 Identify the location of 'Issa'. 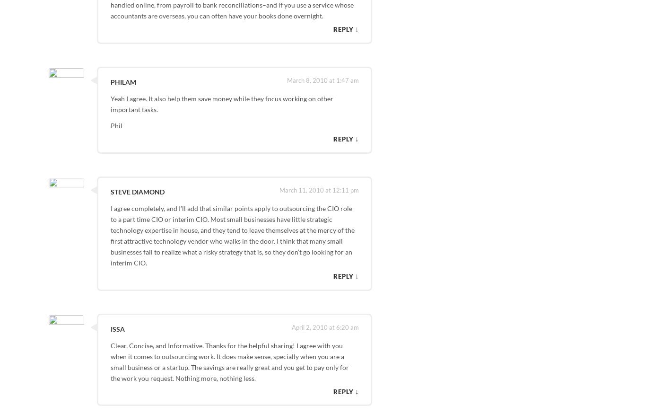
(117, 328).